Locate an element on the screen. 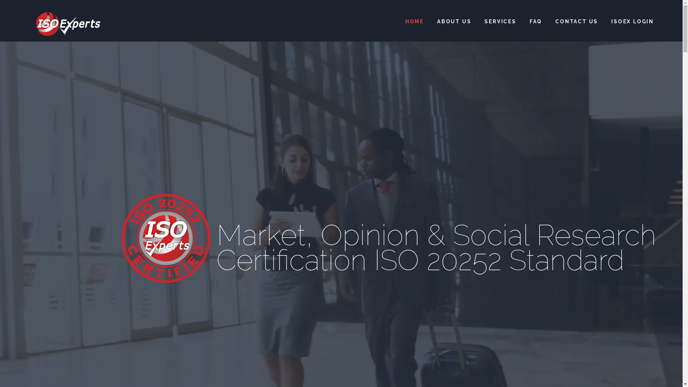 The height and width of the screenshot is (387, 688). 'ISOEX LOGIN' is located at coordinates (632, 21).